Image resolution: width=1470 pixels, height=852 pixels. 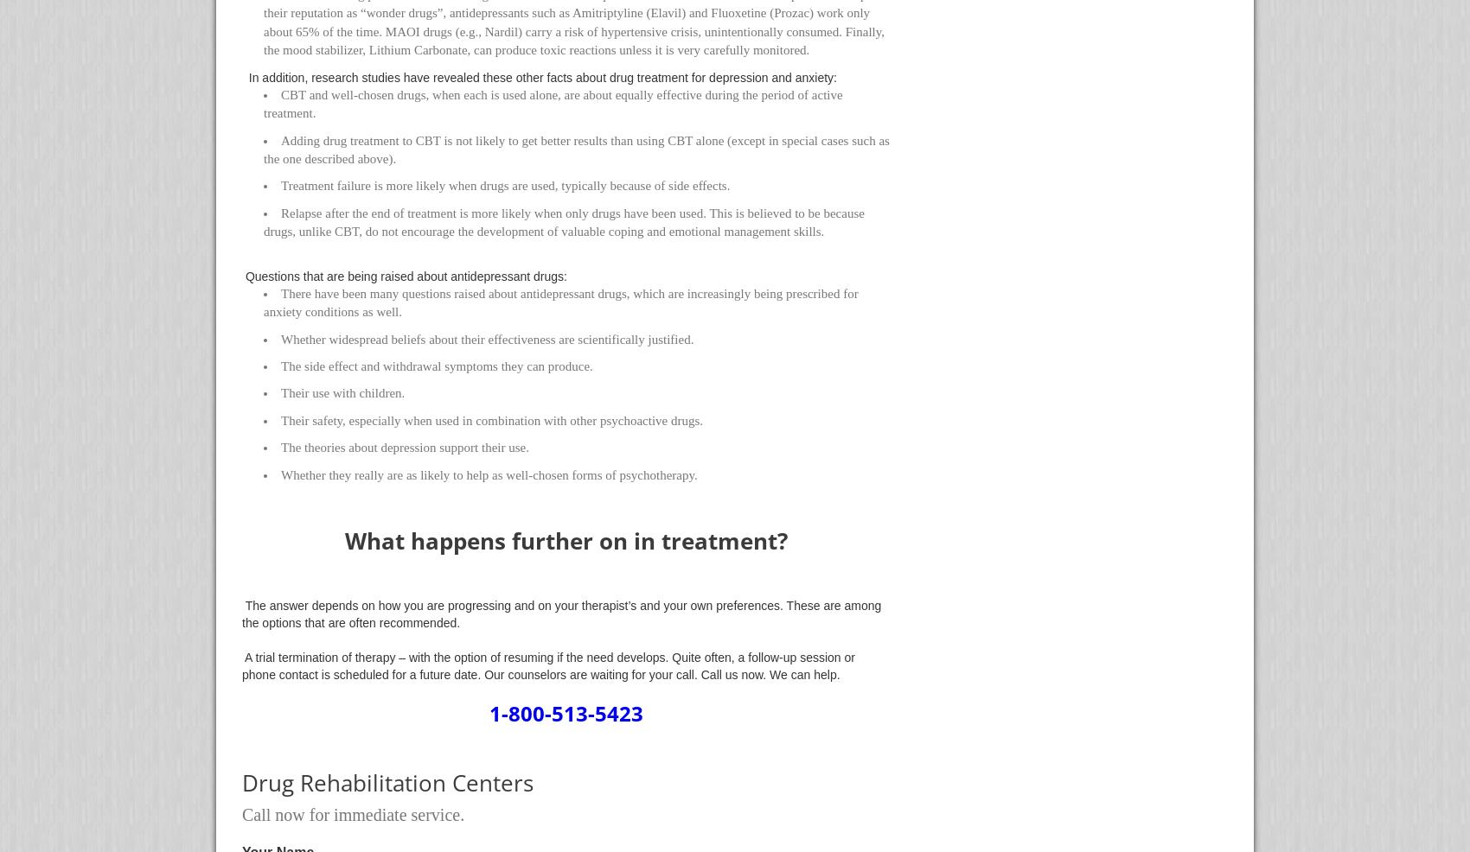 What do you see at coordinates (387, 783) in the screenshot?
I see `'Drug Rehabilitation Centers'` at bounding box center [387, 783].